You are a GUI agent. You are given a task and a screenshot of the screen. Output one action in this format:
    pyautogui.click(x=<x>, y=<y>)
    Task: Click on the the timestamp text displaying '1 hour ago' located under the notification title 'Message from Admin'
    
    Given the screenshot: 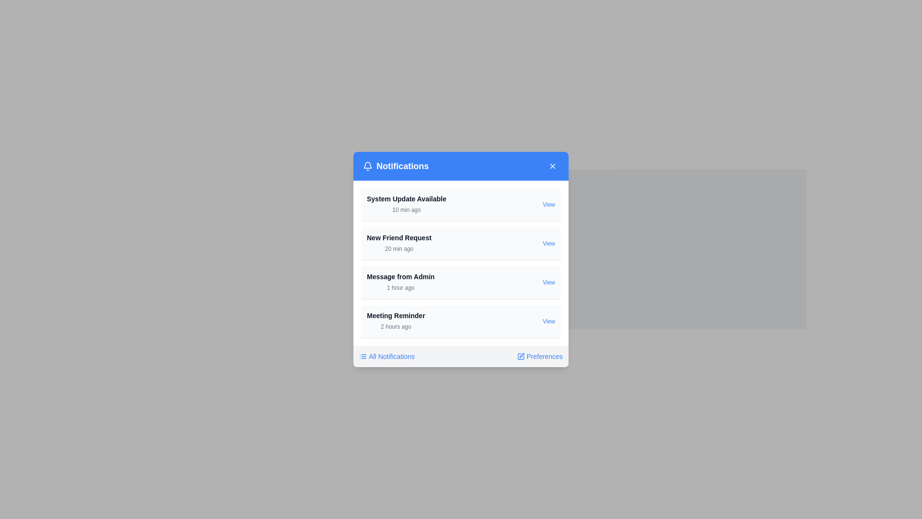 What is the action you would take?
    pyautogui.click(x=400, y=287)
    